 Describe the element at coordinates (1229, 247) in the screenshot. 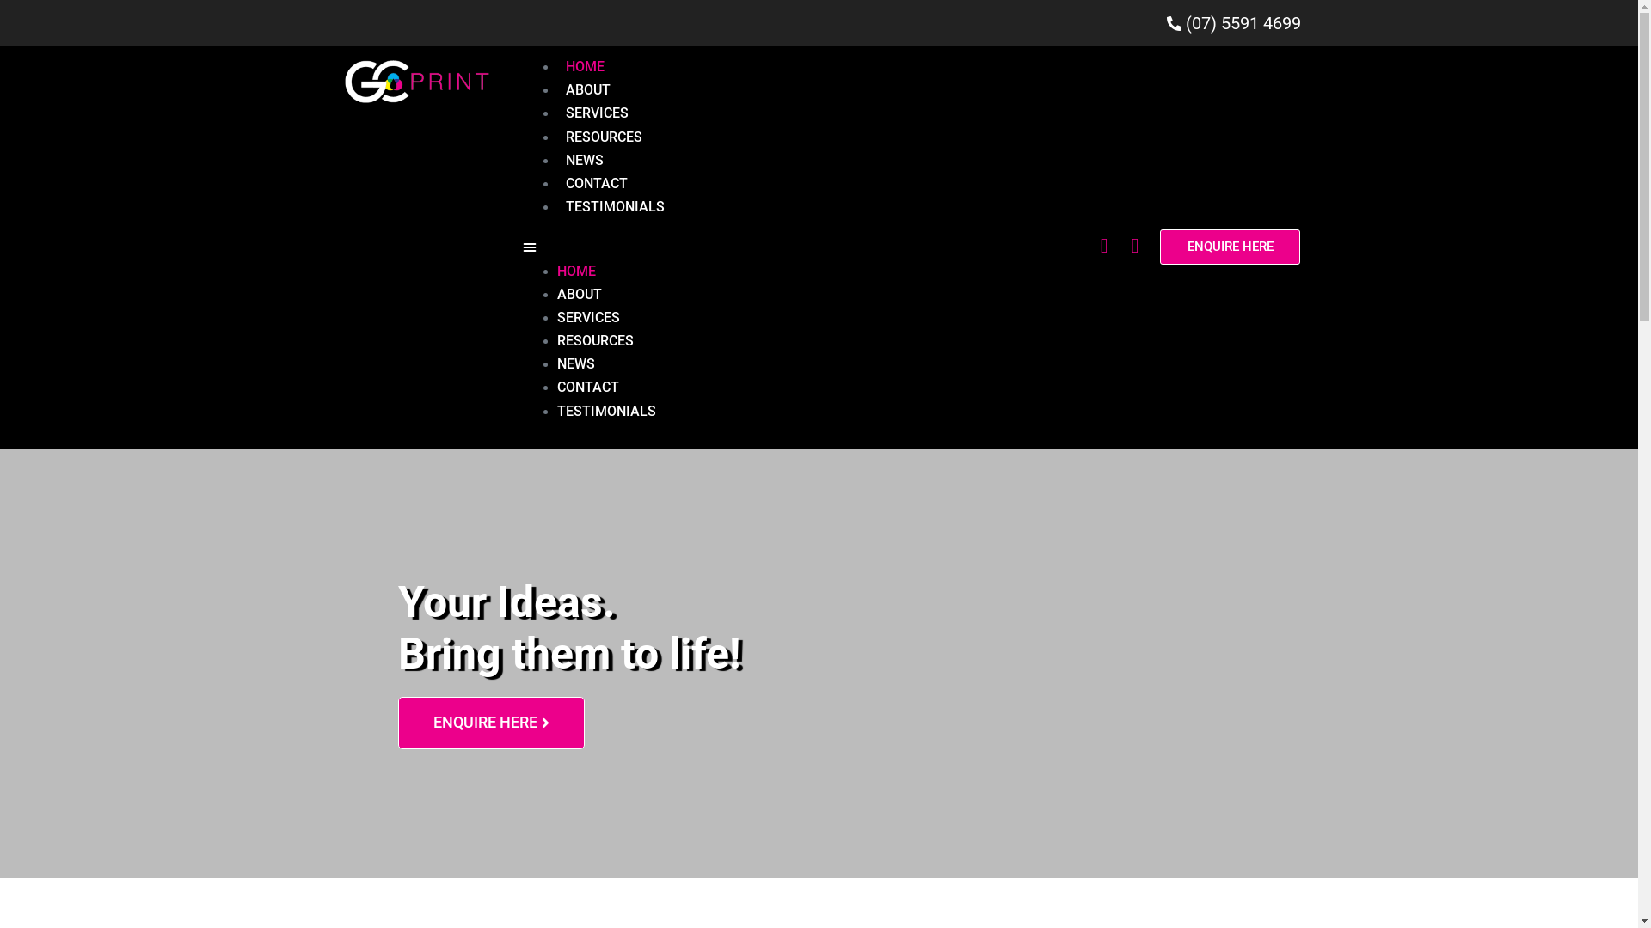

I see `'ENQUIRE HERE'` at that location.